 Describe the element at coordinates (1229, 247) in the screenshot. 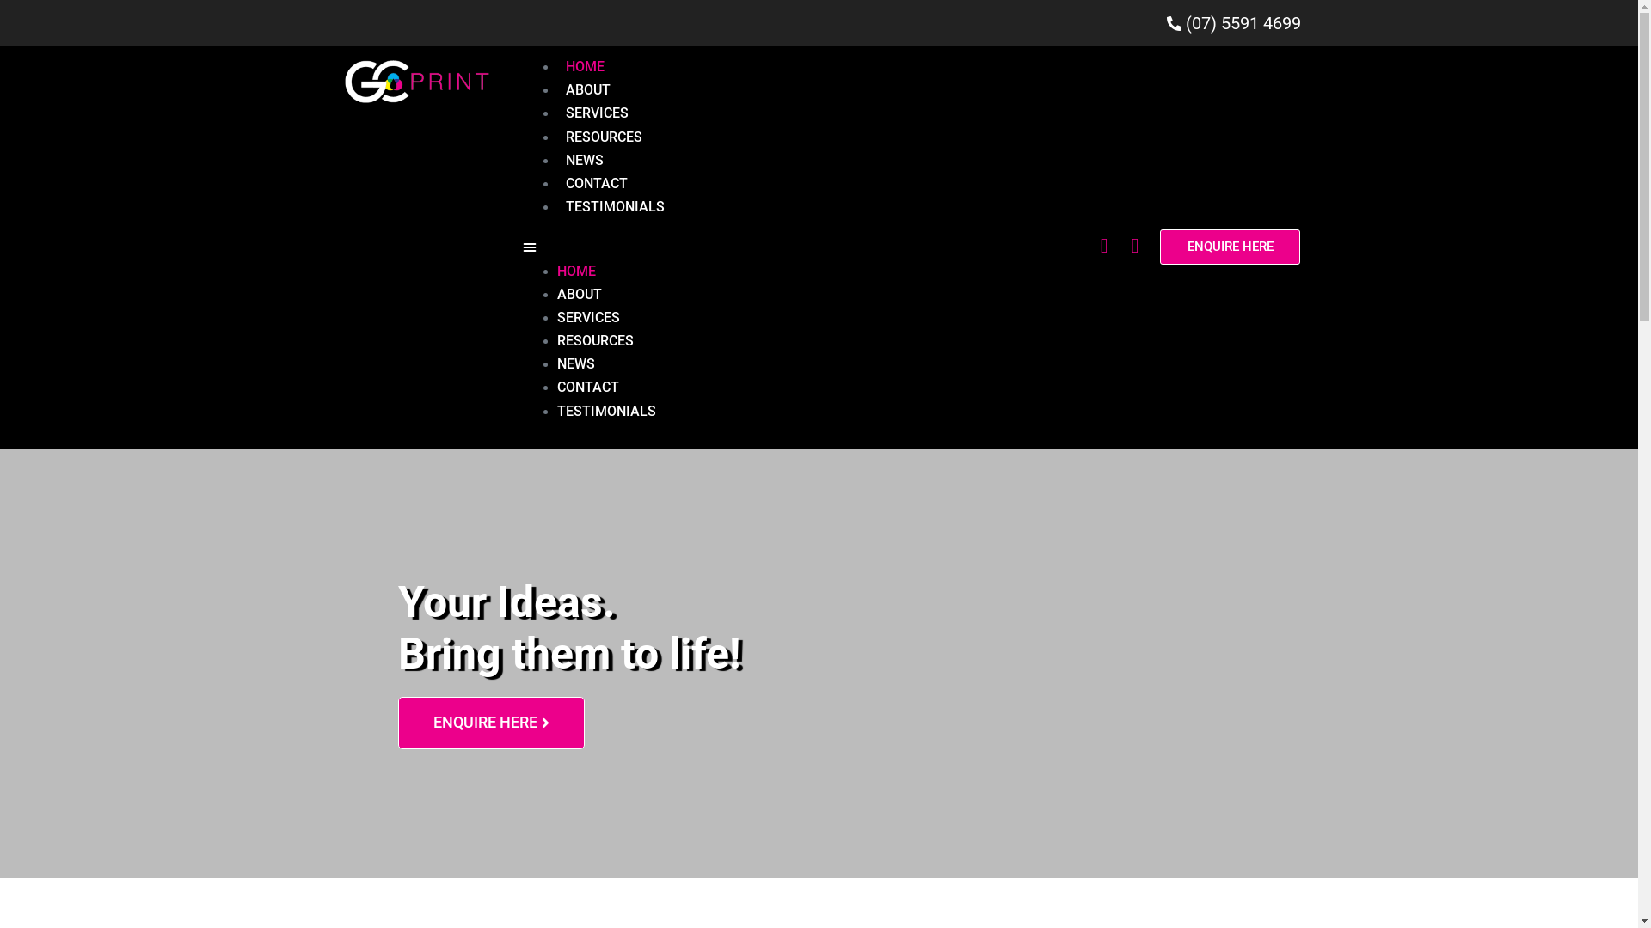

I see `'ENQUIRE HERE'` at that location.